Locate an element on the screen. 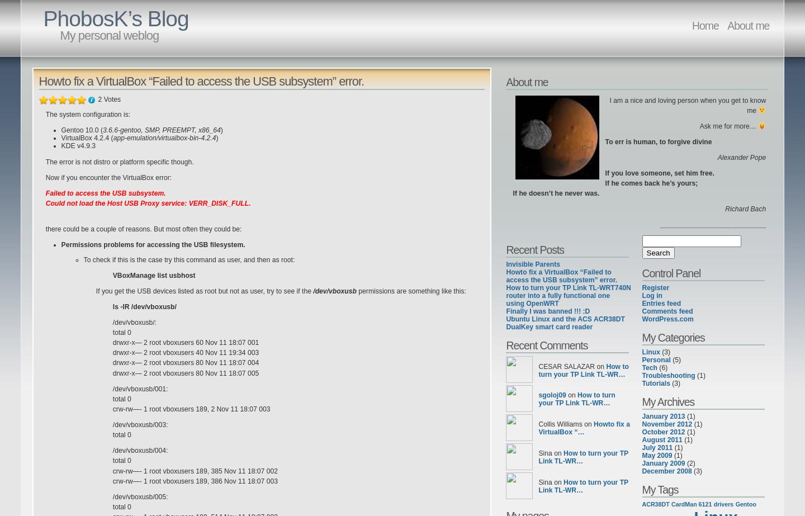  'To check if this is the case try this command as user, and then as root:' is located at coordinates (83, 258).